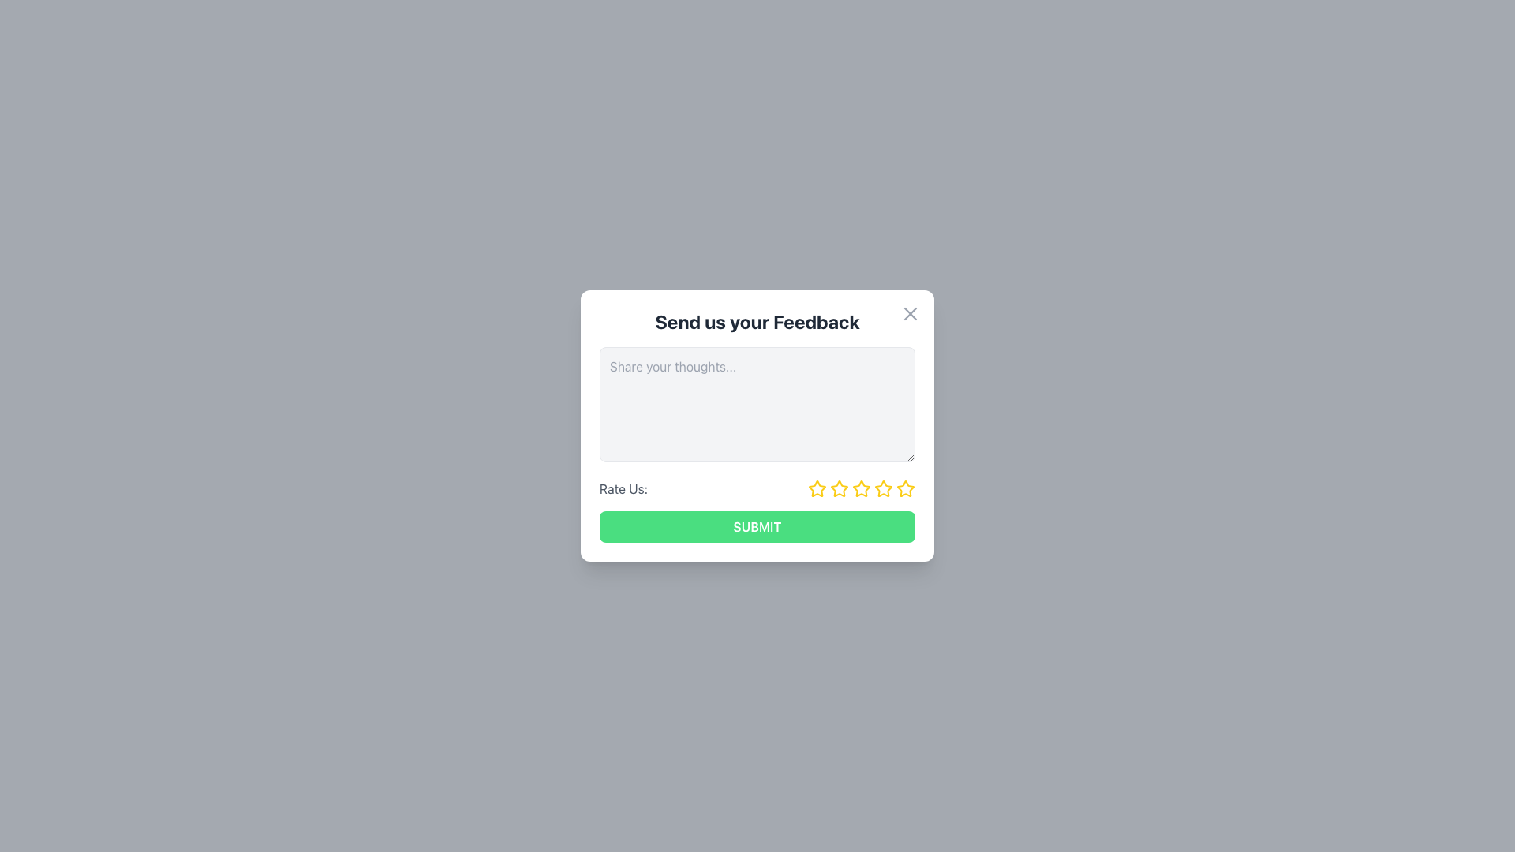 This screenshot has width=1515, height=852. Describe the element at coordinates (860, 488) in the screenshot. I see `the Rating Star Icon located in the center-bottom area of the feedback form` at that location.